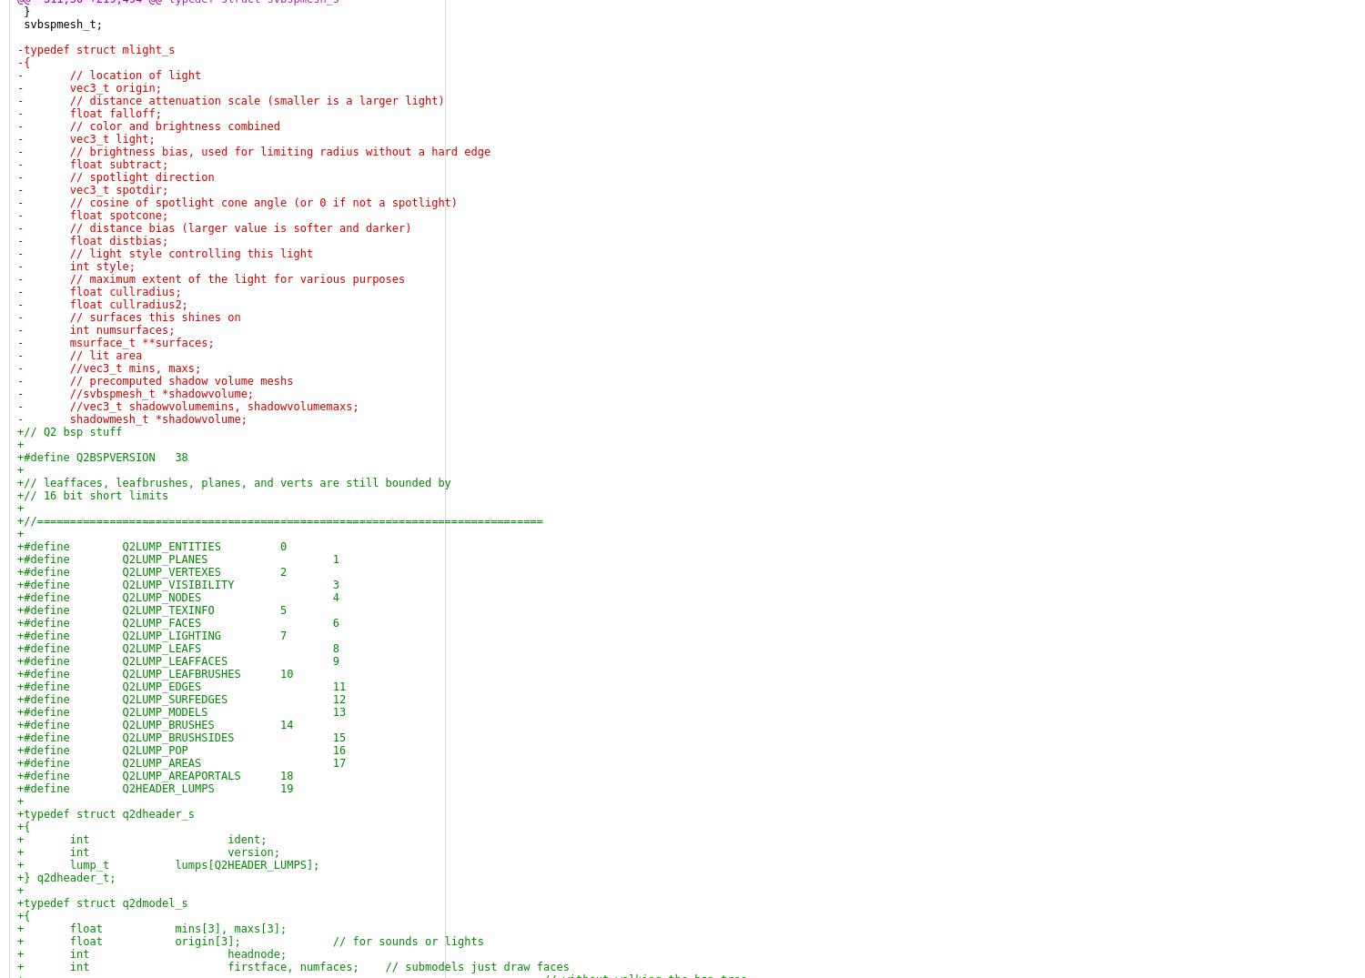  What do you see at coordinates (177, 622) in the screenshot?
I see `'+#define        Q2LUMP_FACES                    6'` at bounding box center [177, 622].